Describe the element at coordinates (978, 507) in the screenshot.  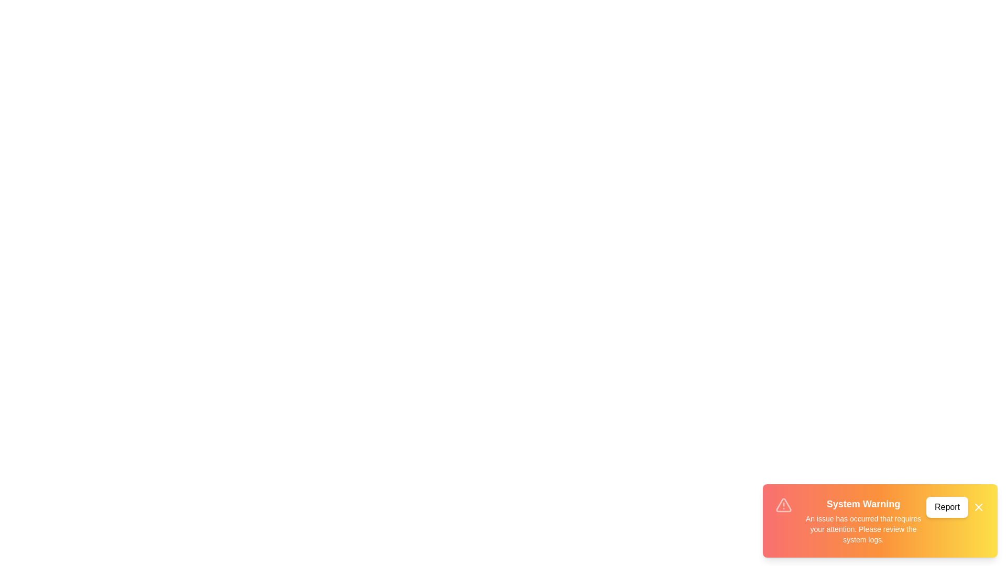
I see `the close button of the snackbar to dismiss it` at that location.